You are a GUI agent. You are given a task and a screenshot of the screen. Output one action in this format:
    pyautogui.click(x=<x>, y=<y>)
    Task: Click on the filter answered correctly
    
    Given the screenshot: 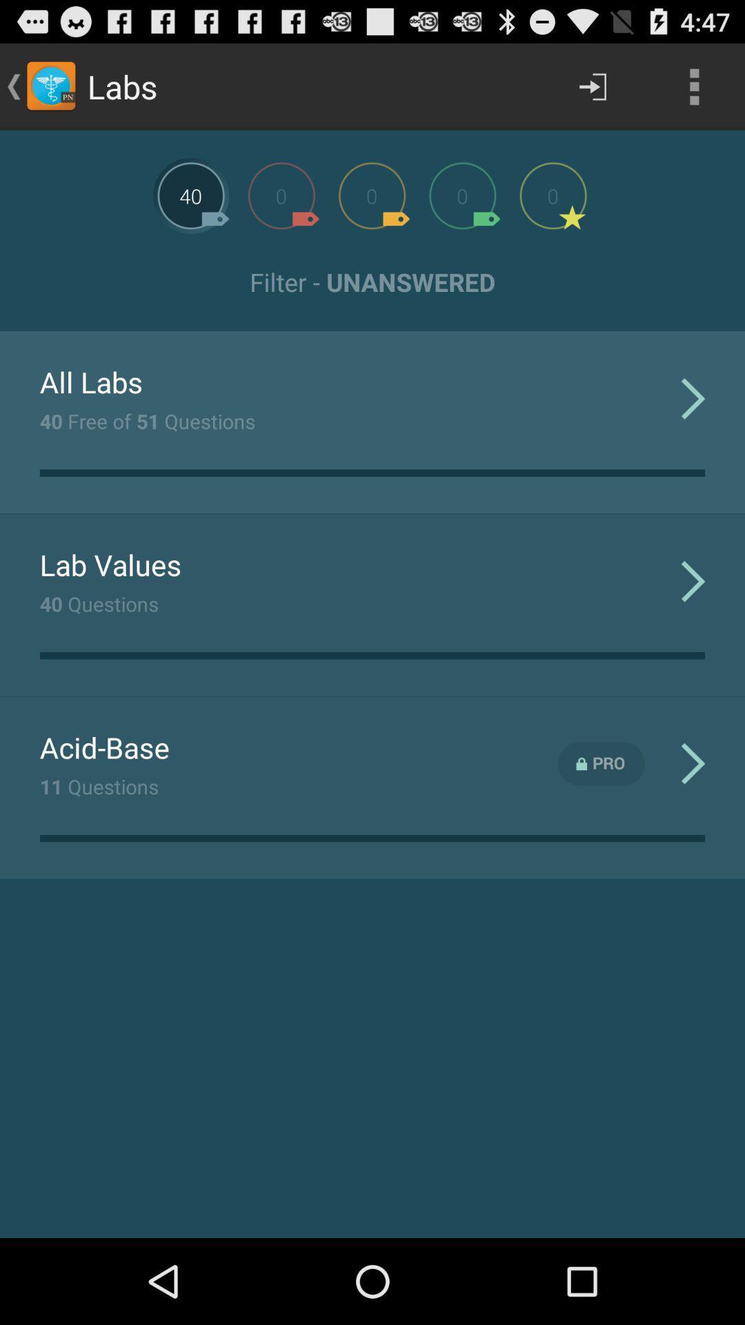 What is the action you would take?
    pyautogui.click(x=462, y=195)
    